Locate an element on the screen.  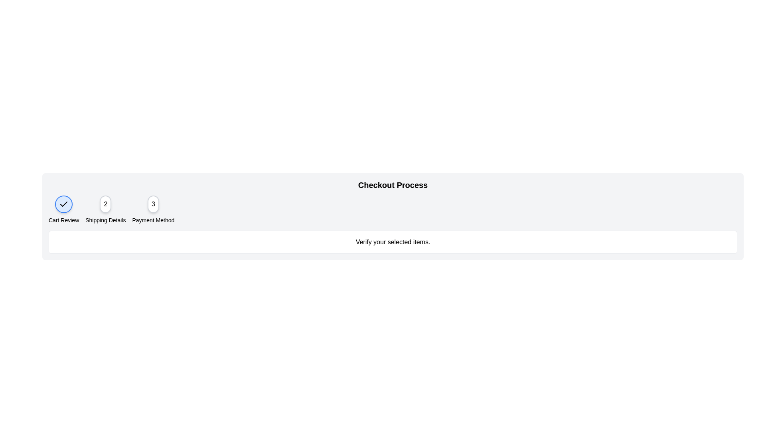
the third step indicator button that represents the 'Payment Method' step is located at coordinates (153, 204).